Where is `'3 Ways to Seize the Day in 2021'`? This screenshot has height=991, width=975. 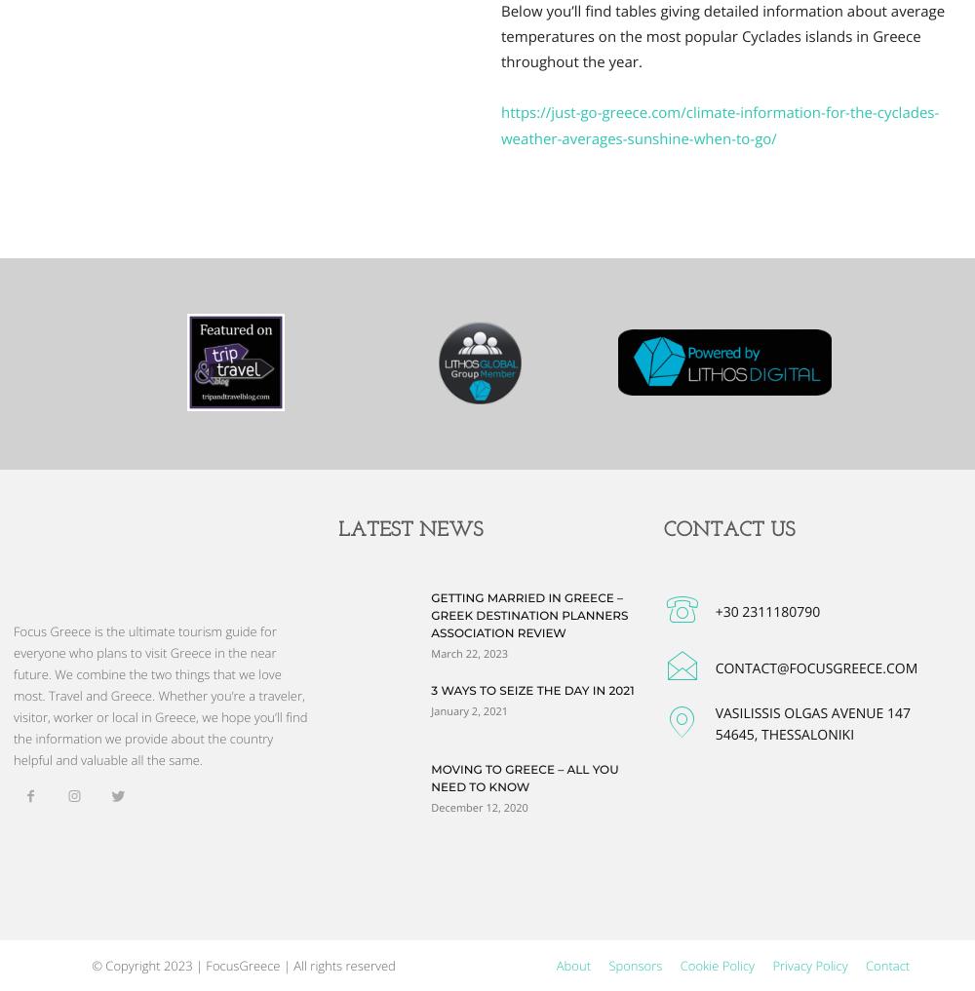
'3 Ways to Seize the Day in 2021' is located at coordinates (430, 689).